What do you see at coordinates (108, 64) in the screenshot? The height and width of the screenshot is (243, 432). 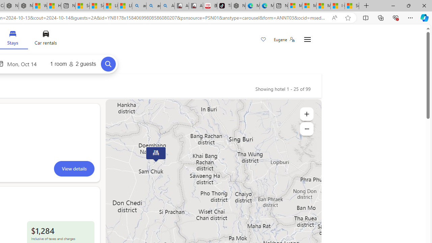 I see `'Search'` at bounding box center [108, 64].